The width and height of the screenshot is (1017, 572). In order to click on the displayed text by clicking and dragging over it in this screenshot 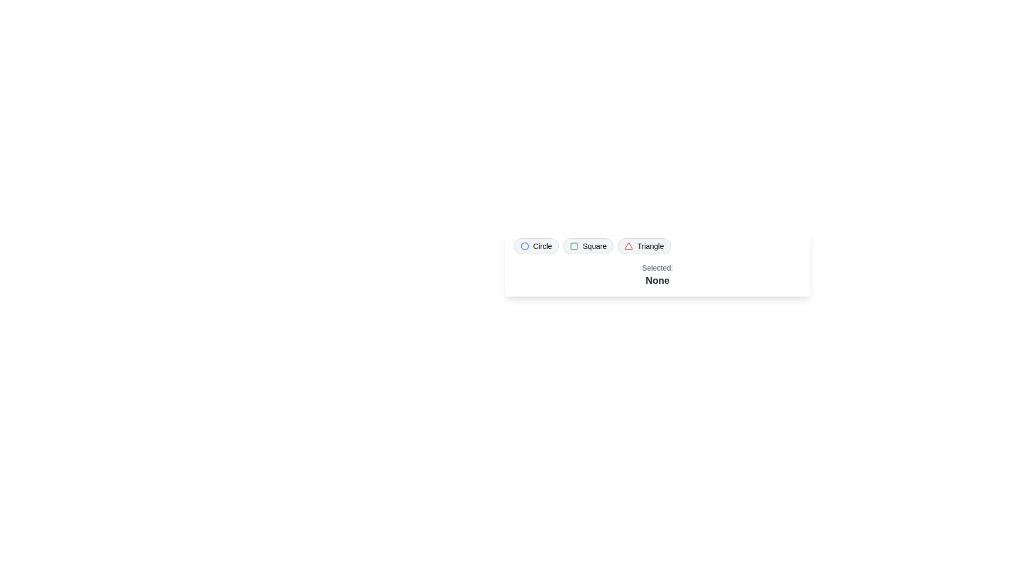, I will do `click(513, 262)`.